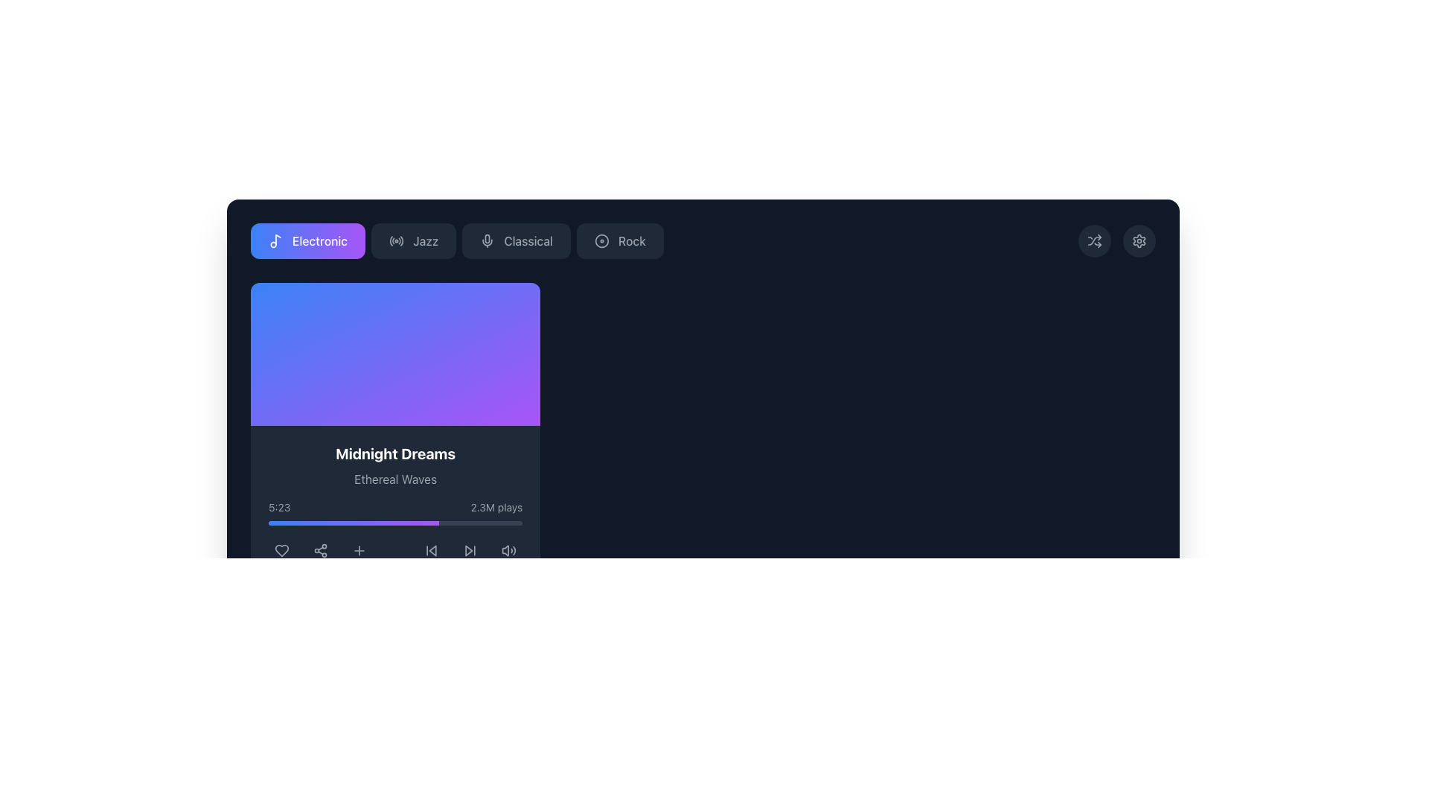  Describe the element at coordinates (509, 551) in the screenshot. I see `the speaker icon with sound waves located in the bottom right section of the player interface to adjust volume settings` at that location.